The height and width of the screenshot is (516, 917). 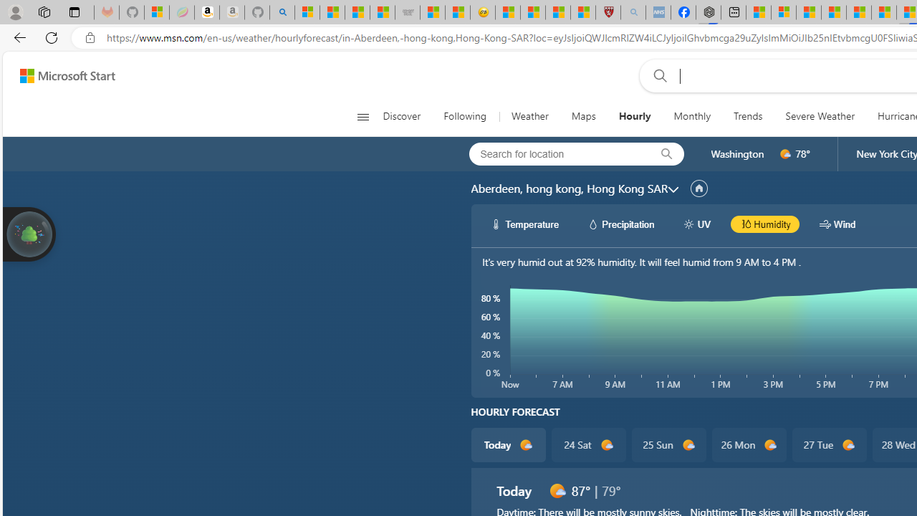 What do you see at coordinates (666, 154) in the screenshot?
I see `'locationBar/search'` at bounding box center [666, 154].